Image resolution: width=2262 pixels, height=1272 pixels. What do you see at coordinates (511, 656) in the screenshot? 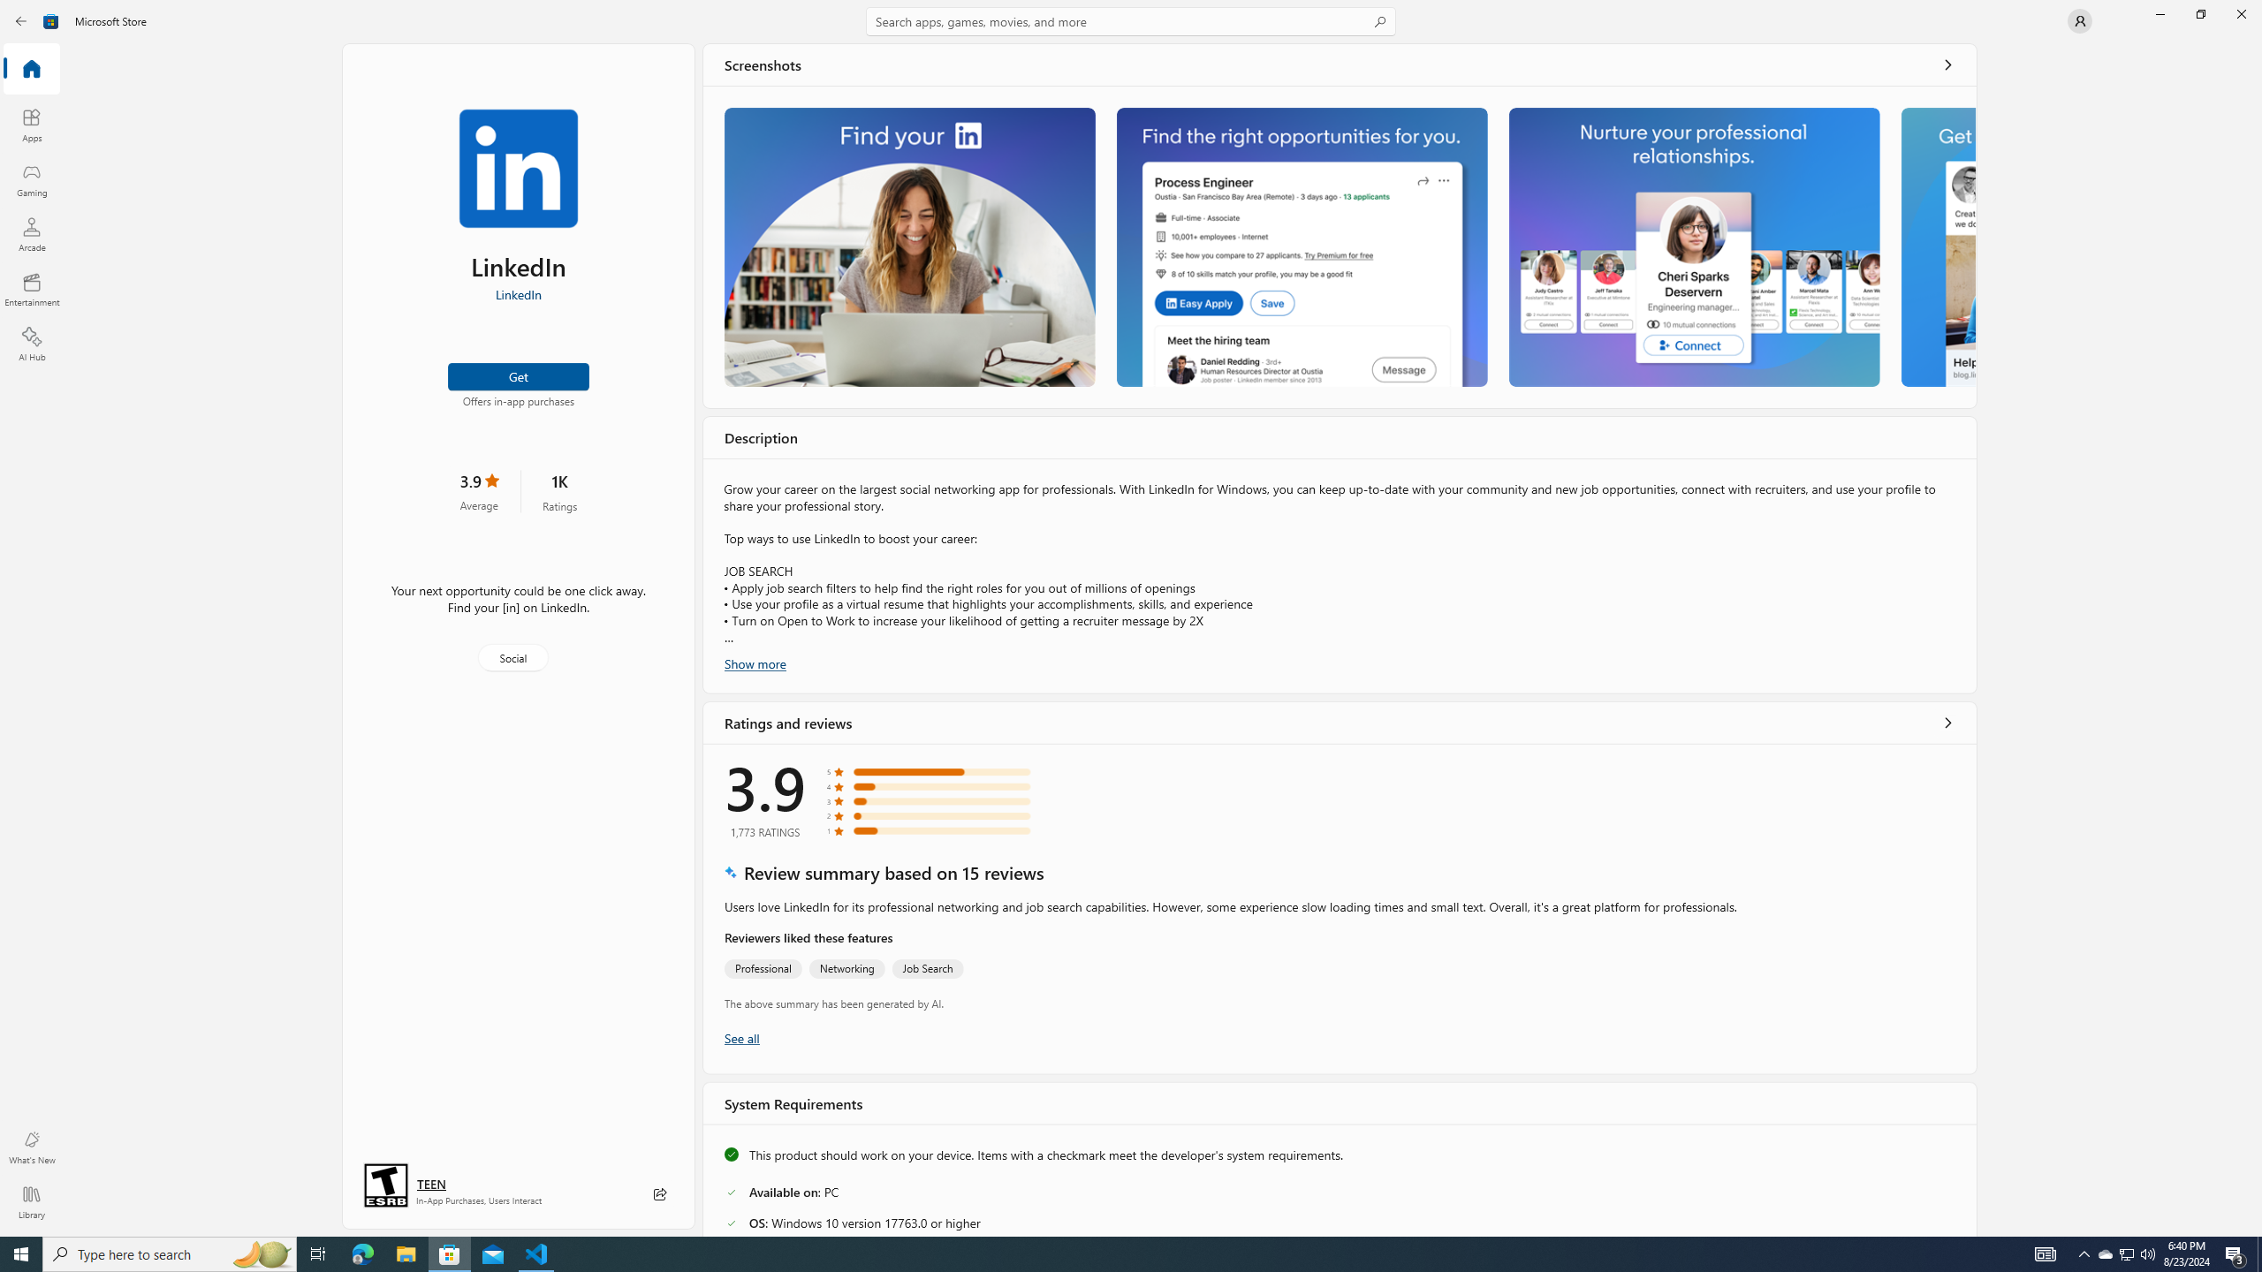
I see `'Social'` at bounding box center [511, 656].